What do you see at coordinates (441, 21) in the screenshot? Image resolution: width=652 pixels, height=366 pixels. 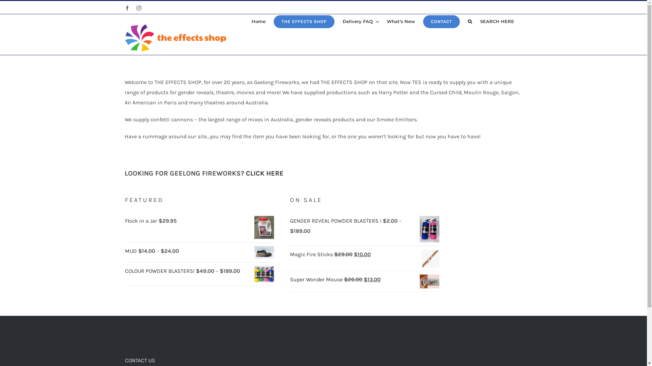 I see `'CONTACT'` at bounding box center [441, 21].